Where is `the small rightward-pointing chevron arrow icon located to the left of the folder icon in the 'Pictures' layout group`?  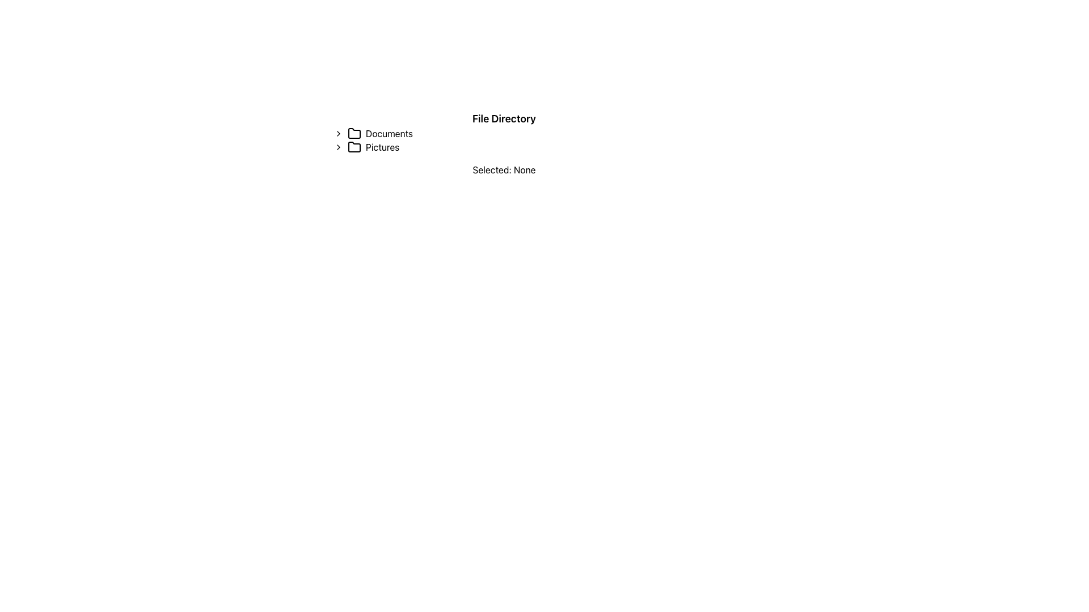
the small rightward-pointing chevron arrow icon located to the left of the folder icon in the 'Pictures' layout group is located at coordinates (337, 146).